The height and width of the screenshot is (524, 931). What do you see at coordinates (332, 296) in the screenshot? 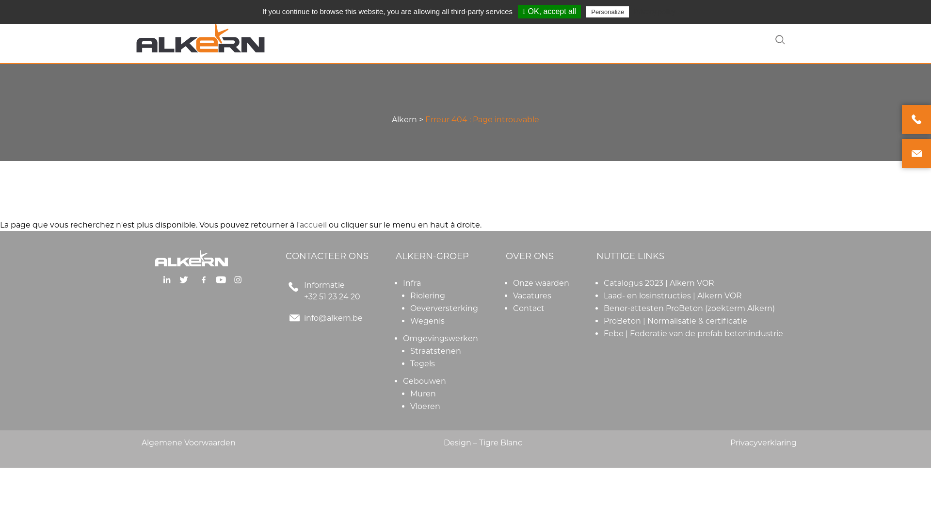
I see `'+32 51 23 24 20'` at bounding box center [332, 296].